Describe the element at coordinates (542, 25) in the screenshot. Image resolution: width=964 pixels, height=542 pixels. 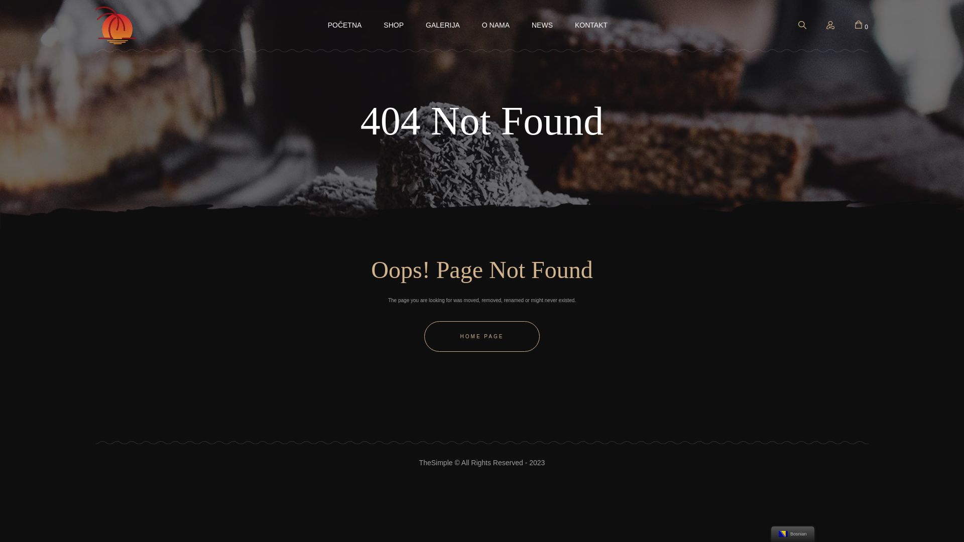
I see `'NEWS'` at that location.